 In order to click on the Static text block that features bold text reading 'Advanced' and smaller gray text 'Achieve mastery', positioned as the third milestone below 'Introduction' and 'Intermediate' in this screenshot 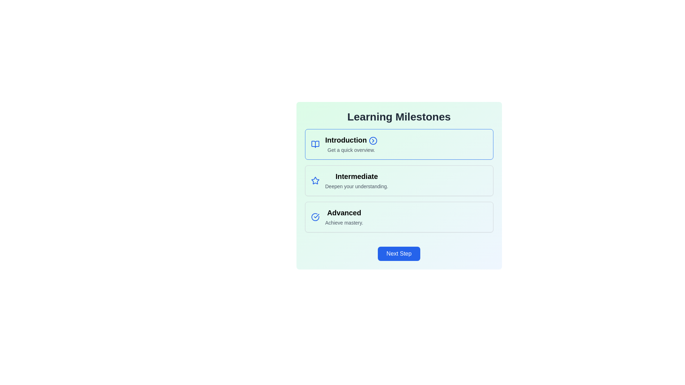, I will do `click(344, 217)`.